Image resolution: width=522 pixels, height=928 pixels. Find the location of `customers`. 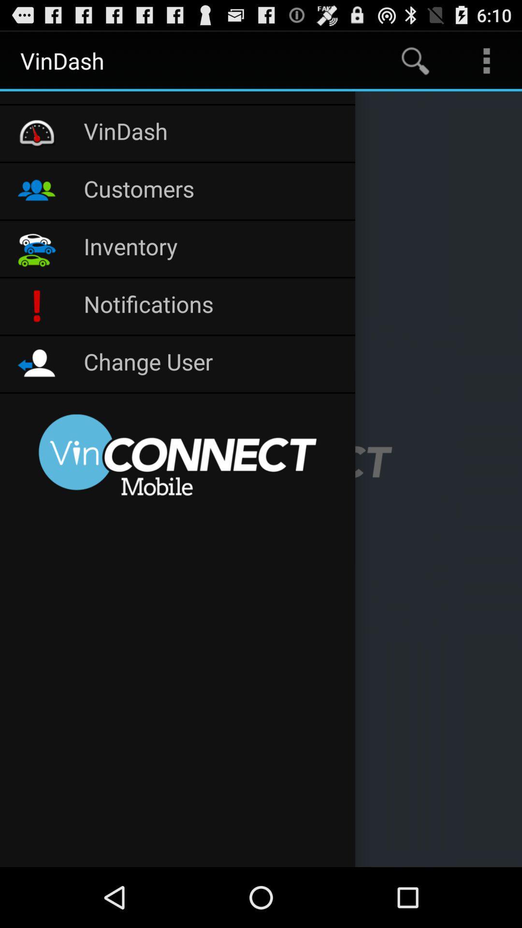

customers is located at coordinates (214, 191).